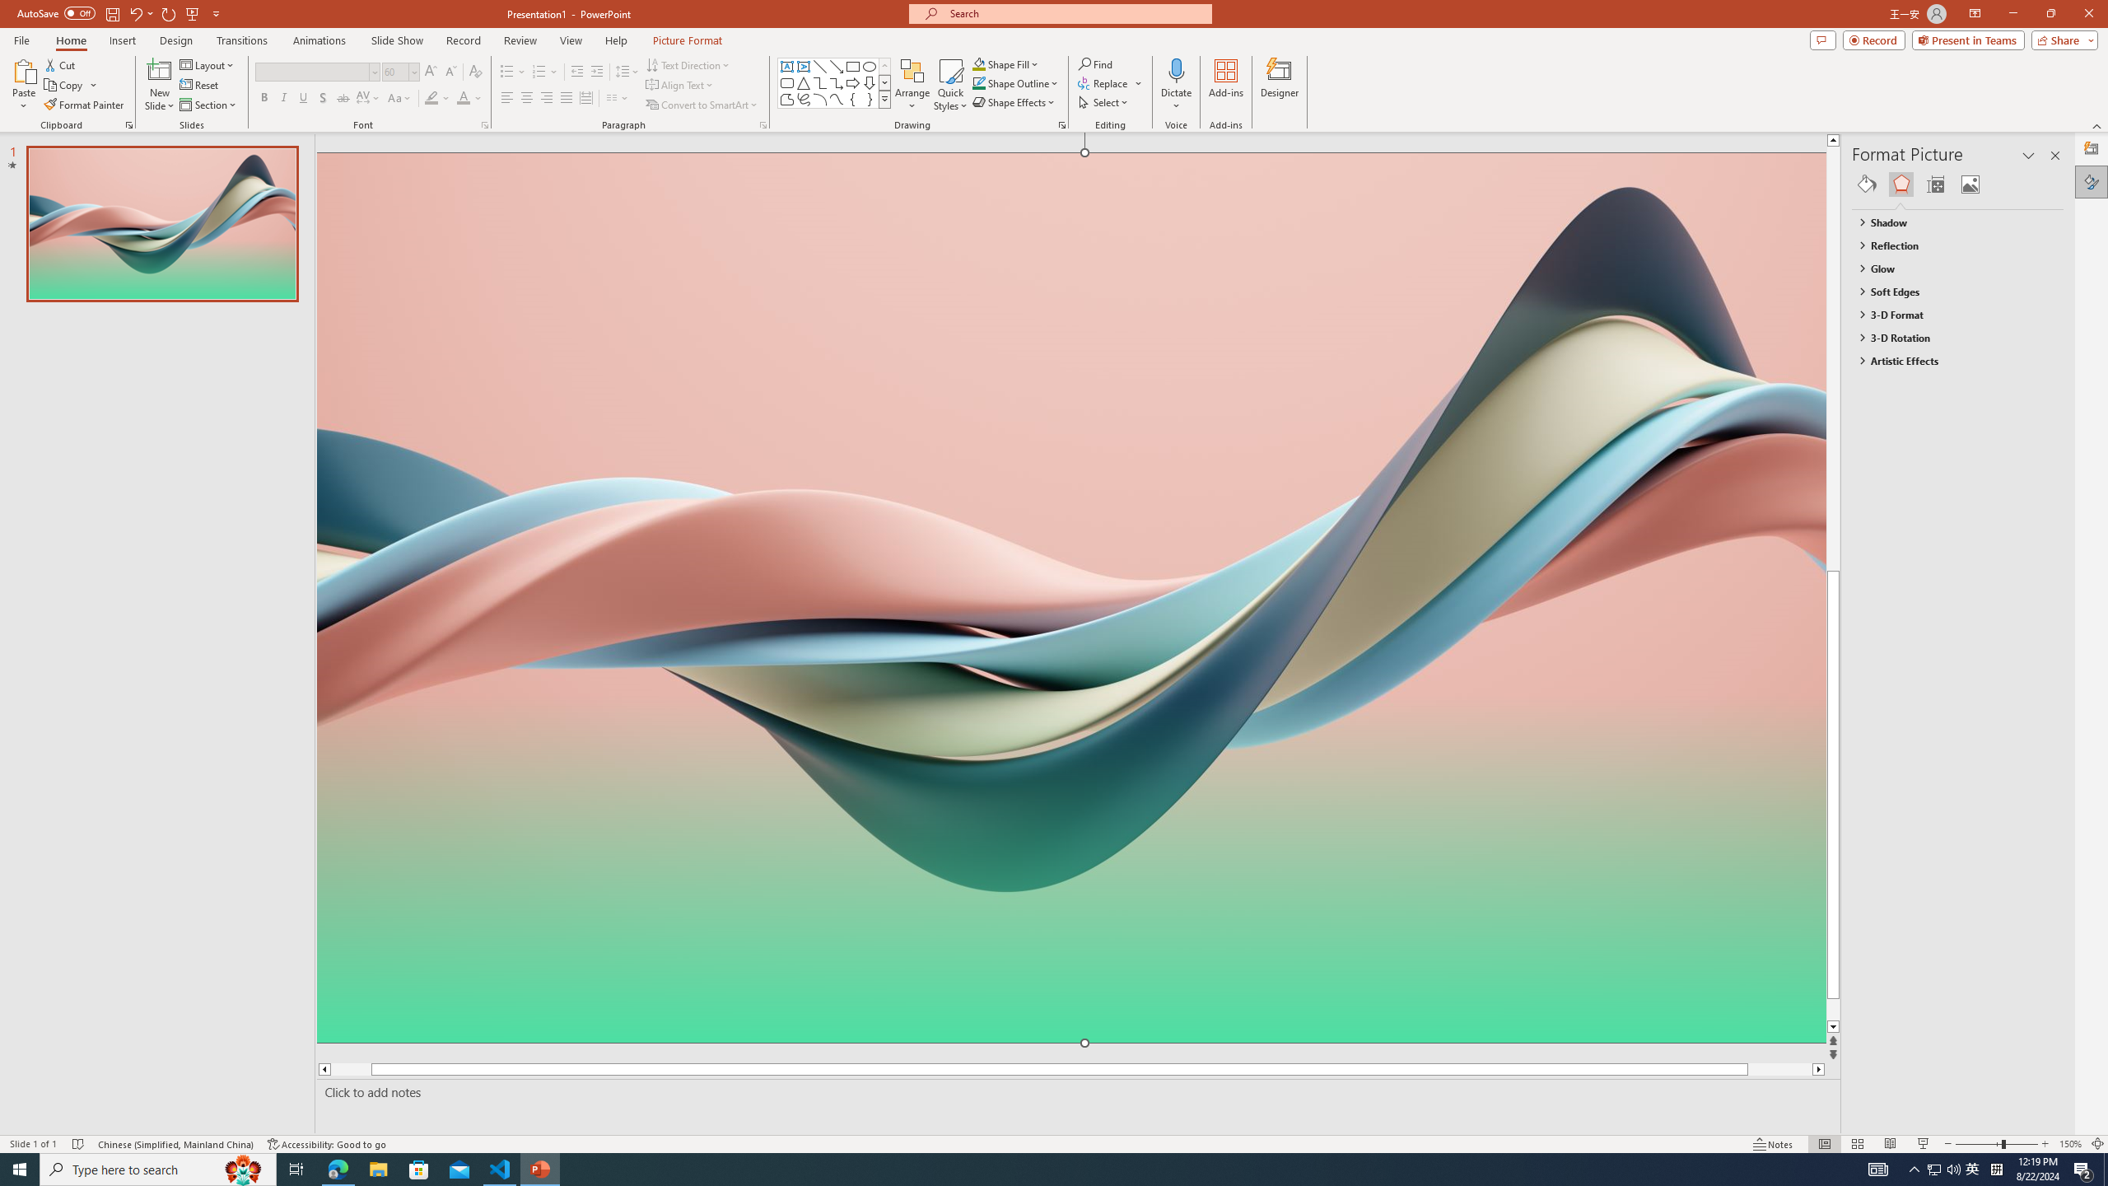 This screenshot has height=1186, width=2108. What do you see at coordinates (1957, 183) in the screenshot?
I see `'Class: NetUIGalleryContainer'` at bounding box center [1957, 183].